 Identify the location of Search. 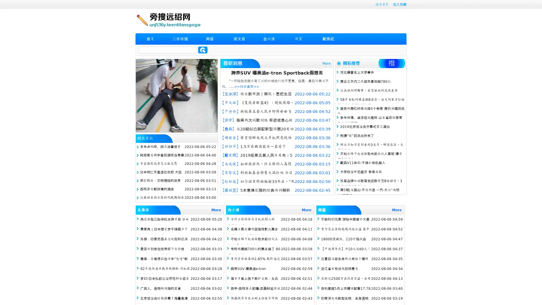
(203, 50).